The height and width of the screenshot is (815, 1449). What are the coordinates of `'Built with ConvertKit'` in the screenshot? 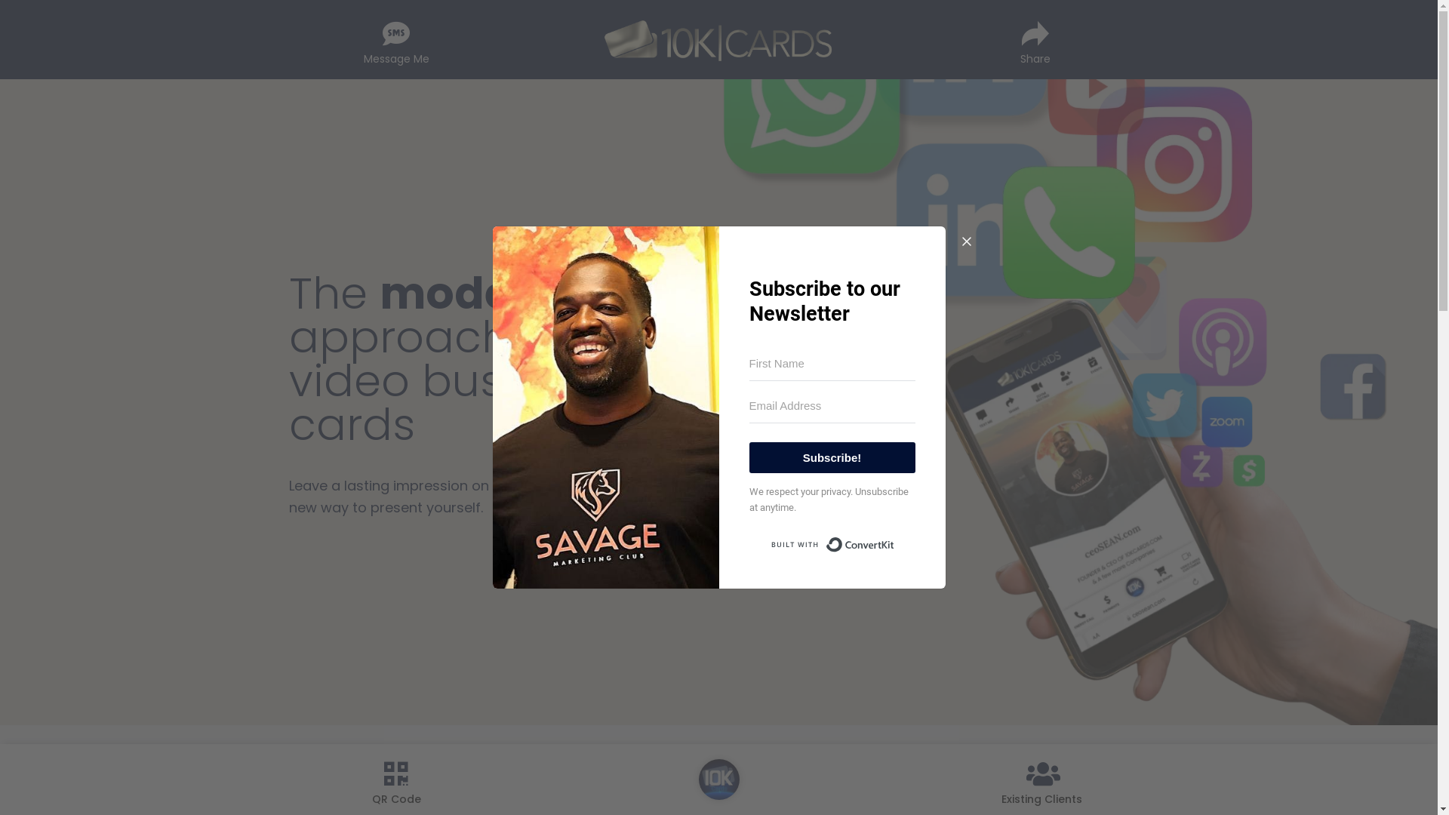 It's located at (769, 544).